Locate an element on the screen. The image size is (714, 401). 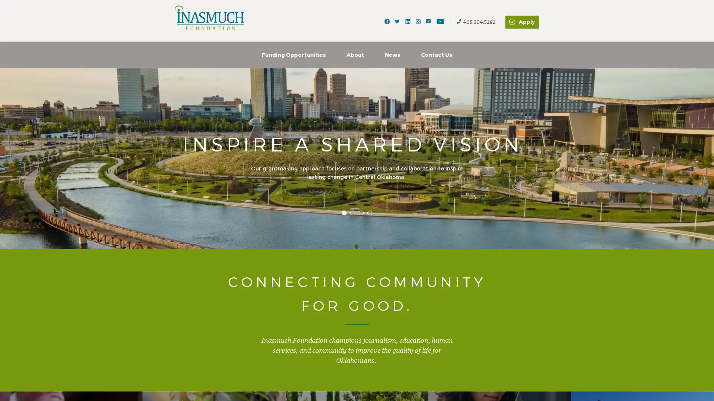
3 is located at coordinates (361, 212).